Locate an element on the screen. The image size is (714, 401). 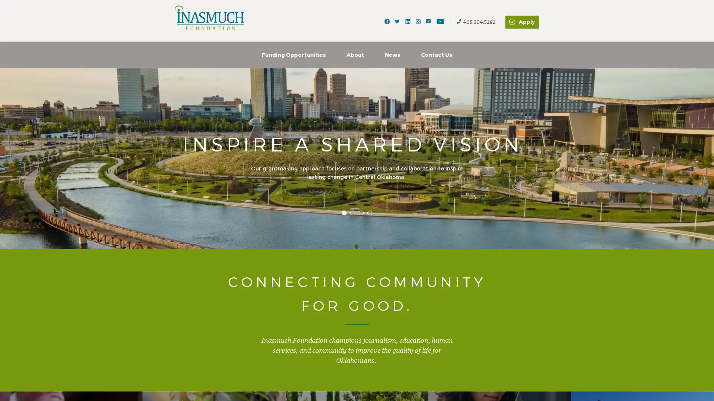
3 is located at coordinates (361, 212).